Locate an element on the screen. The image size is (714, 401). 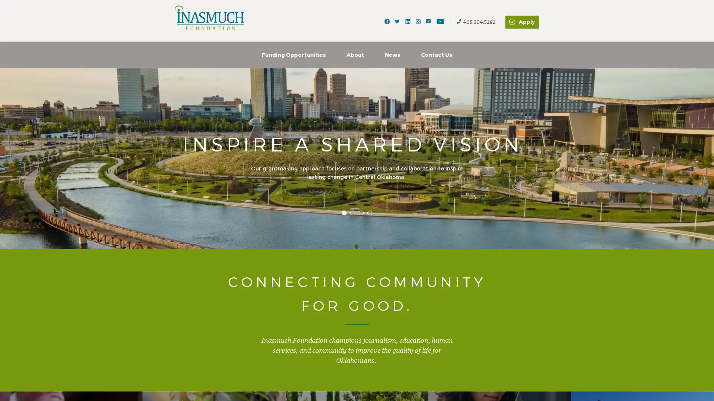
3 is located at coordinates (361, 212).